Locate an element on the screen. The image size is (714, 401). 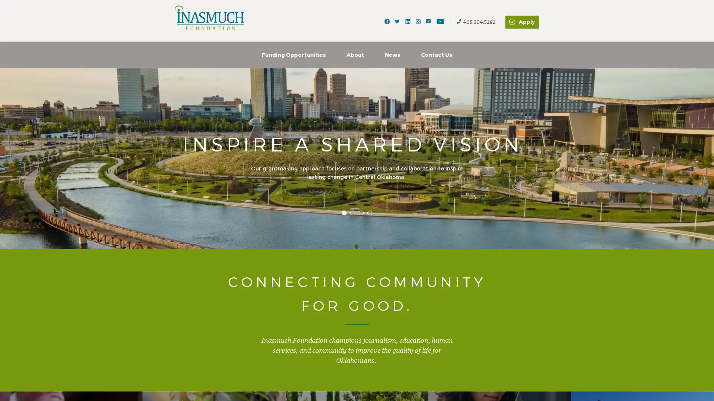
3 is located at coordinates (361, 212).